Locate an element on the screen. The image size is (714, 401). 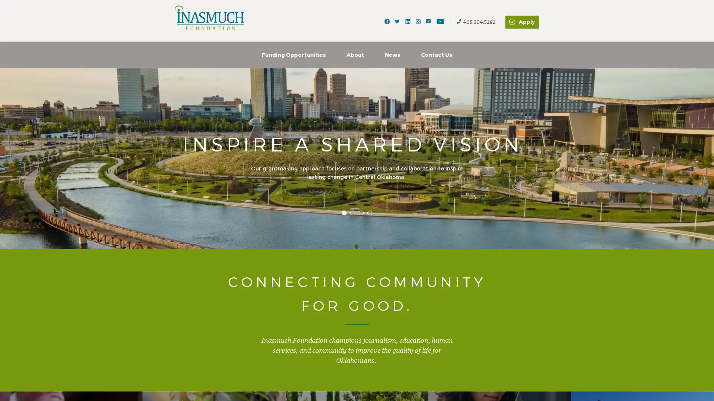
3 is located at coordinates (361, 212).